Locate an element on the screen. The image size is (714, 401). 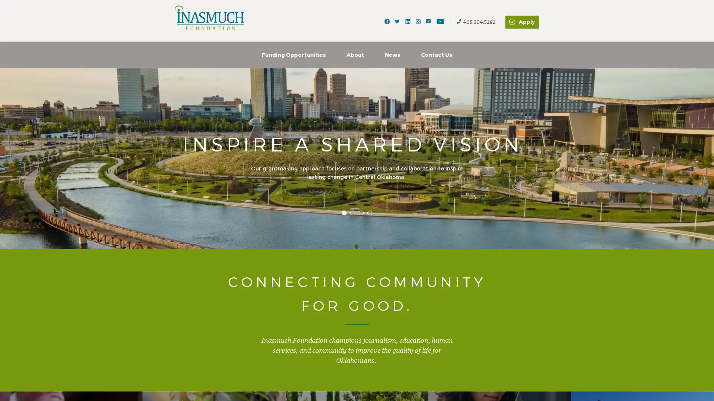
3 is located at coordinates (361, 212).